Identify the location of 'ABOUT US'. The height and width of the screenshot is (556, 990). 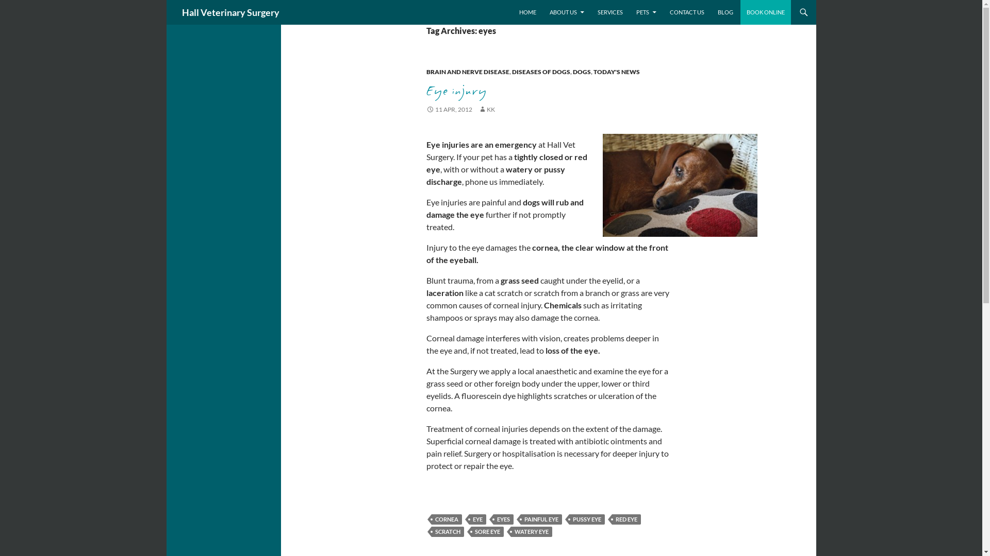
(566, 12).